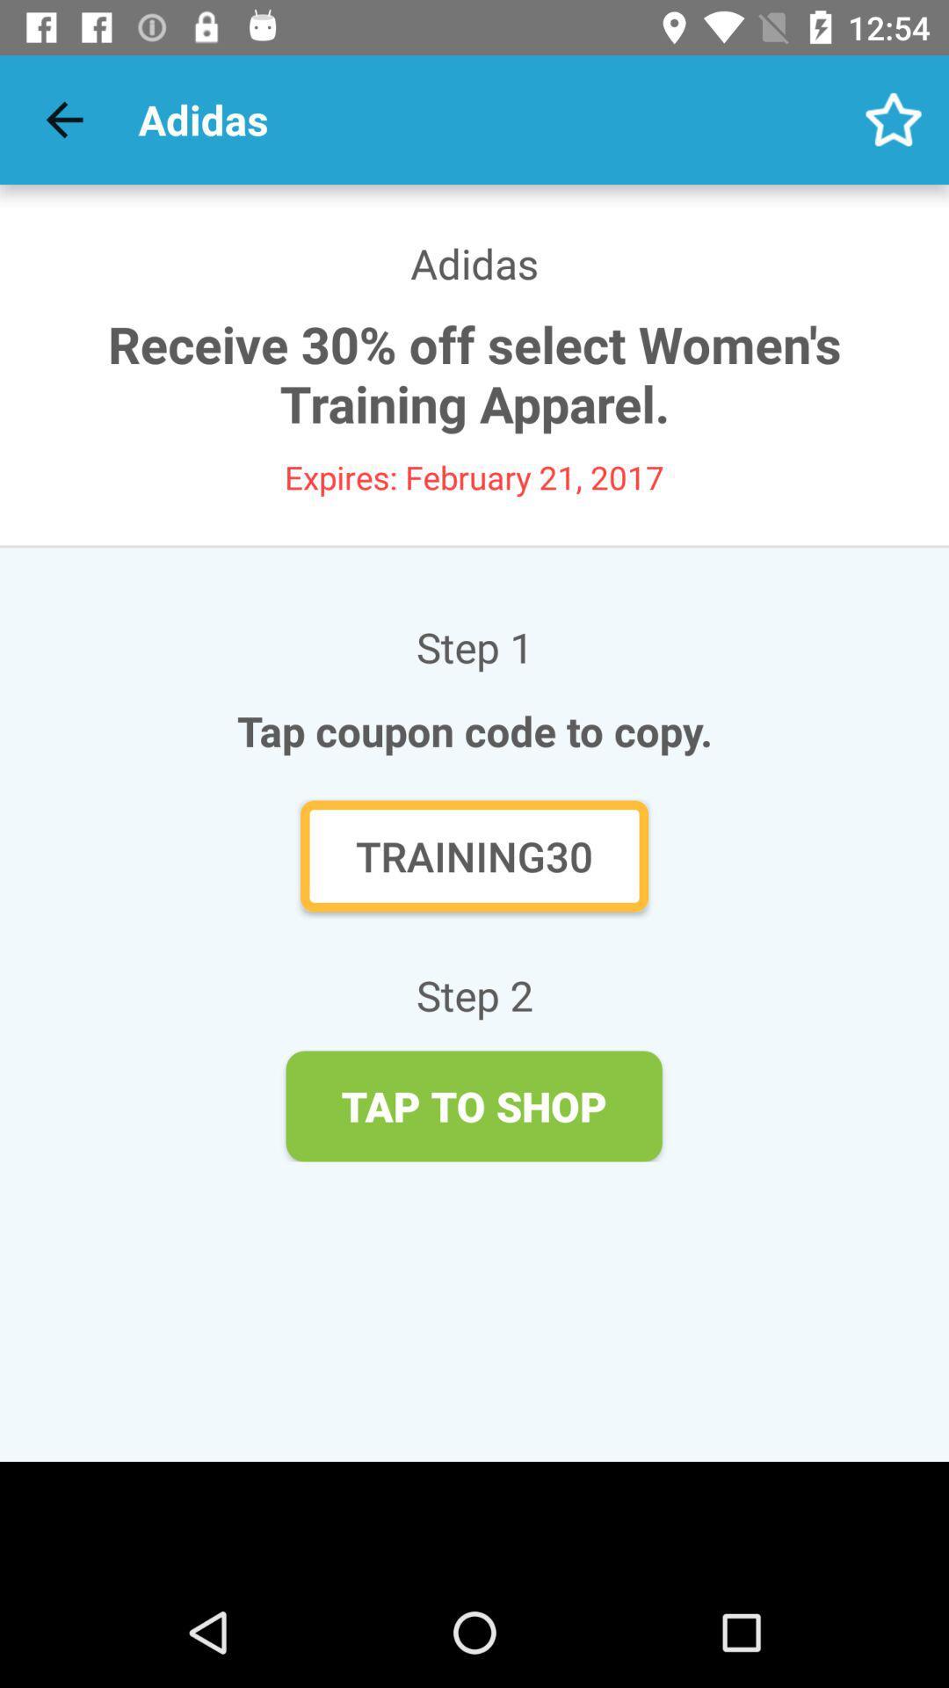 This screenshot has height=1688, width=949. I want to click on the training30 icon, so click(474, 855).